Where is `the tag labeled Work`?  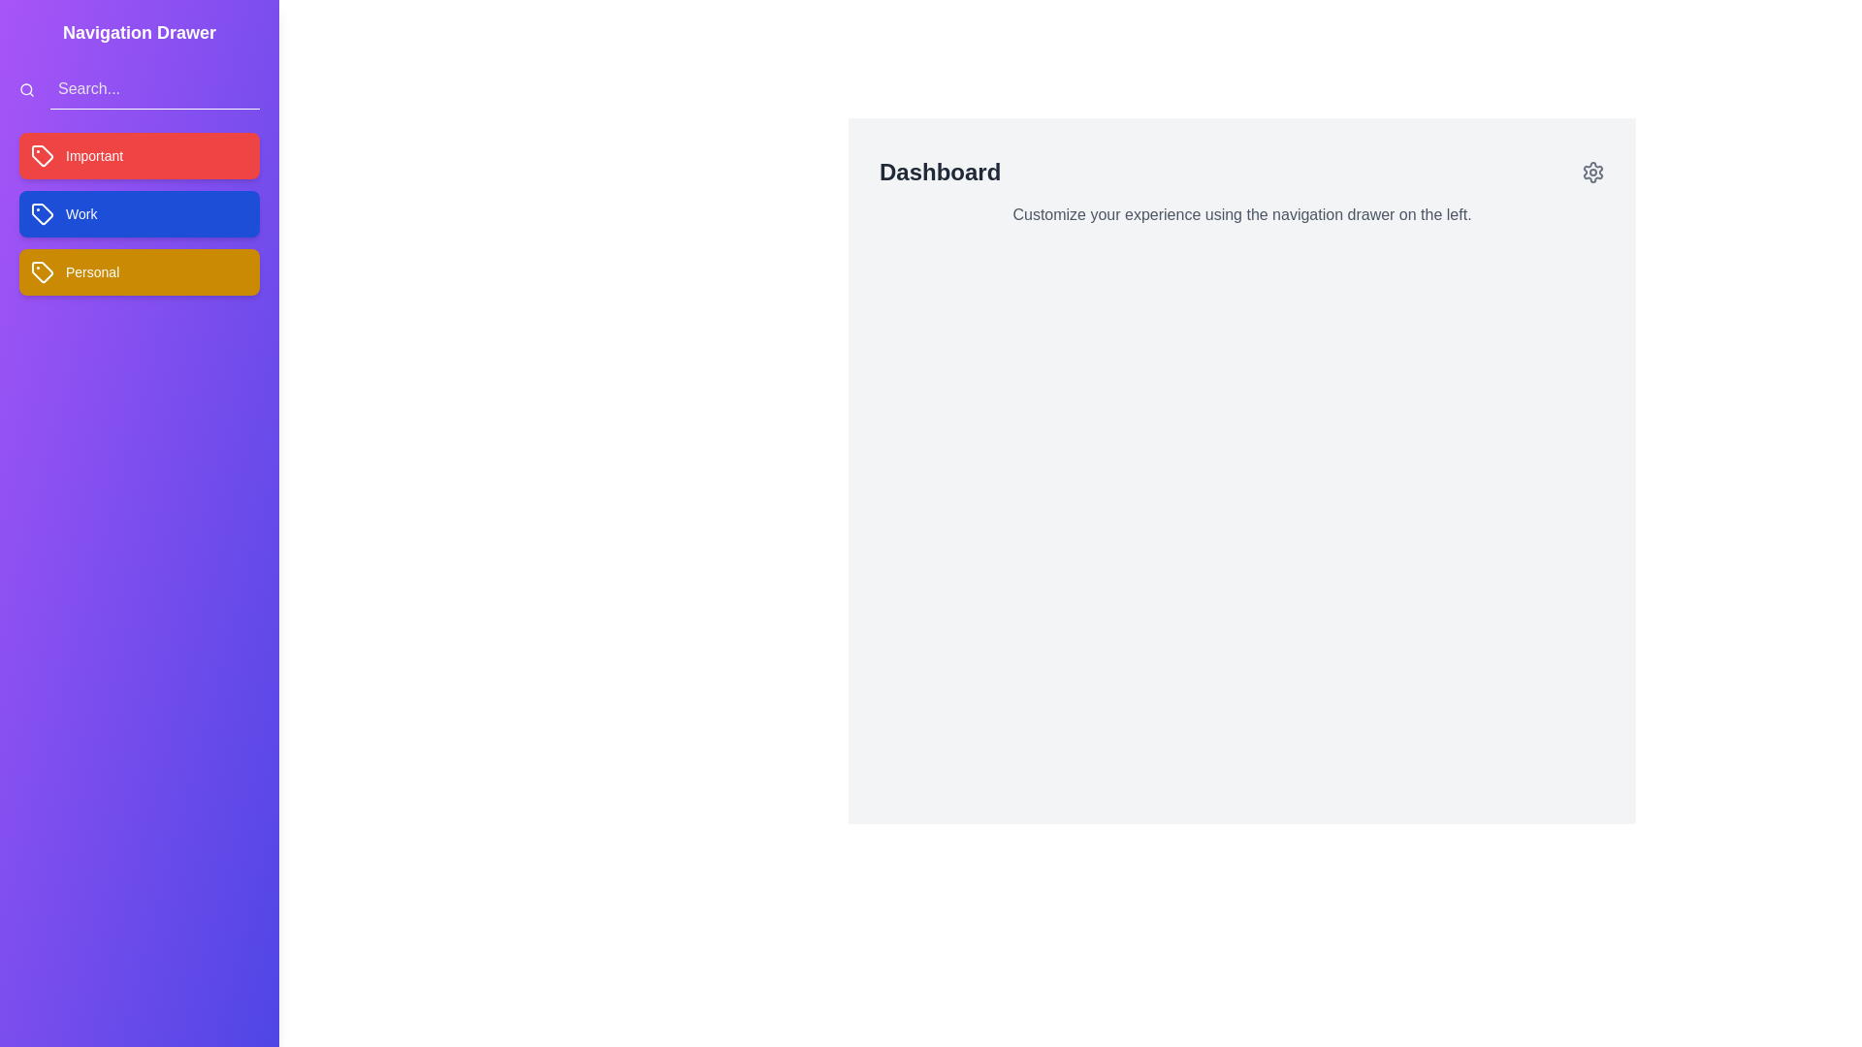 the tag labeled Work is located at coordinates (139, 213).